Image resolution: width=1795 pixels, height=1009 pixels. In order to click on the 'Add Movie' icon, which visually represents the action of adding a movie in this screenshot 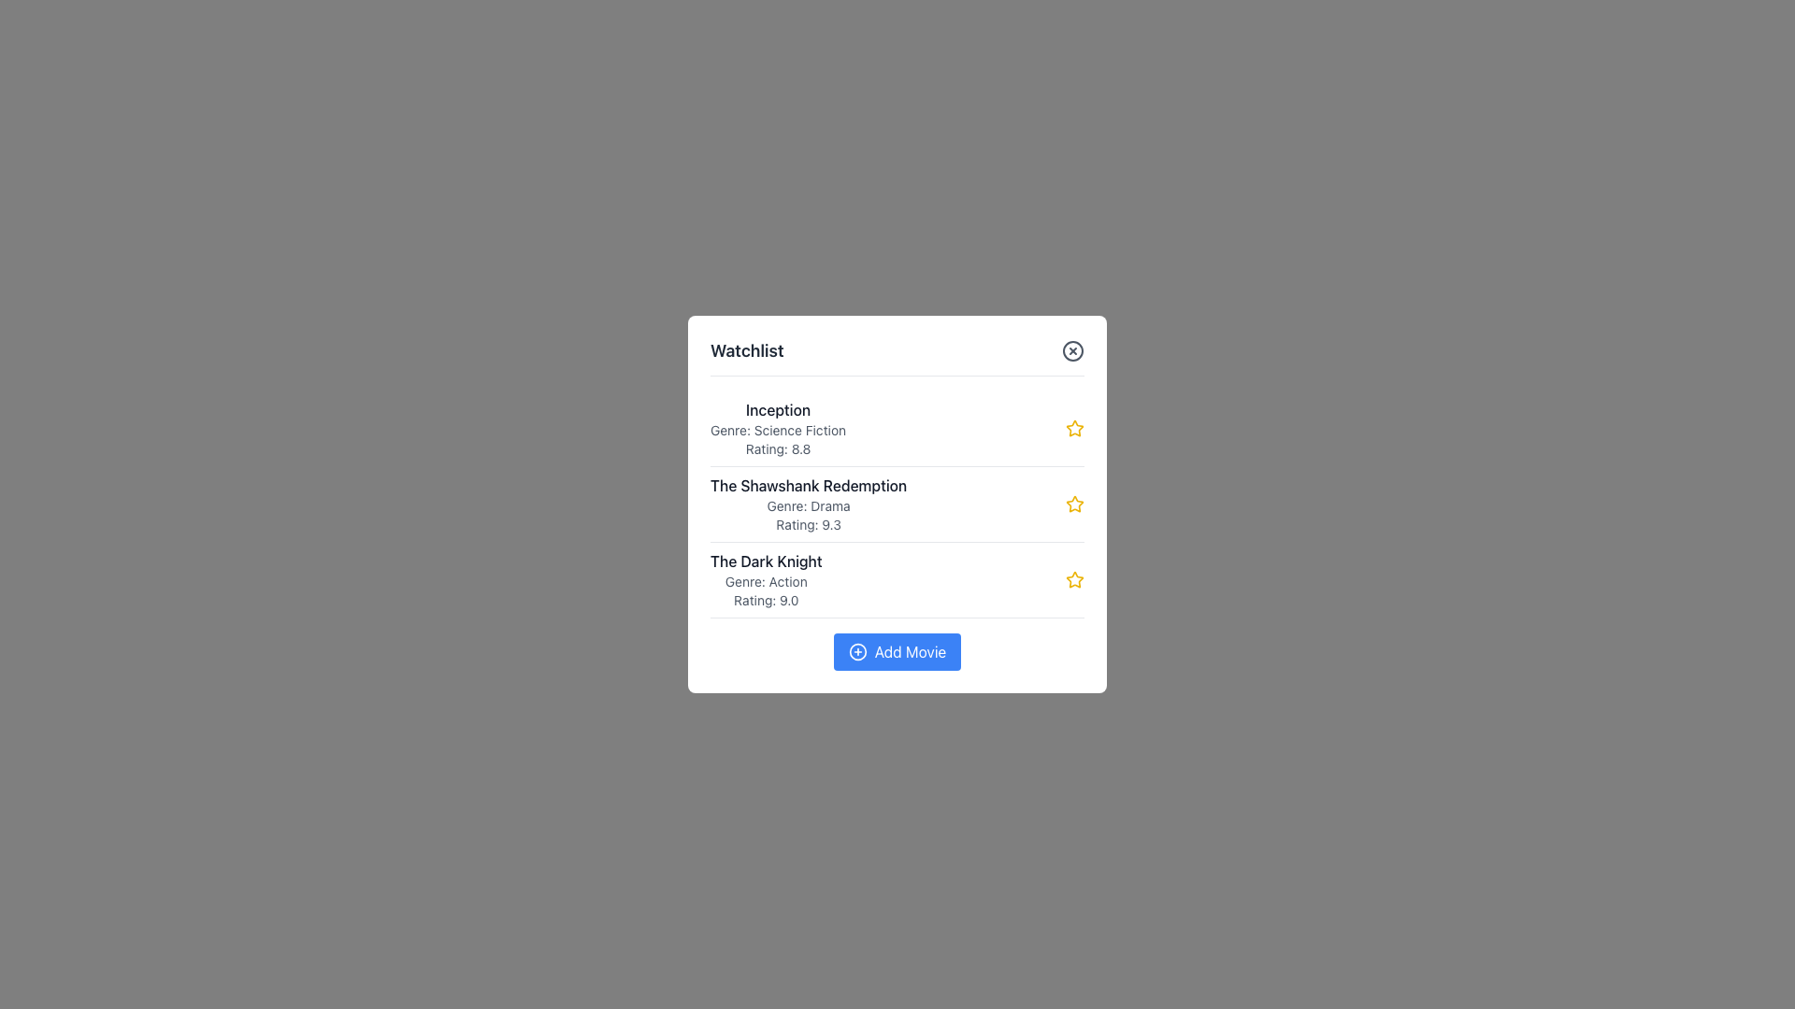, I will do `click(856, 651)`.